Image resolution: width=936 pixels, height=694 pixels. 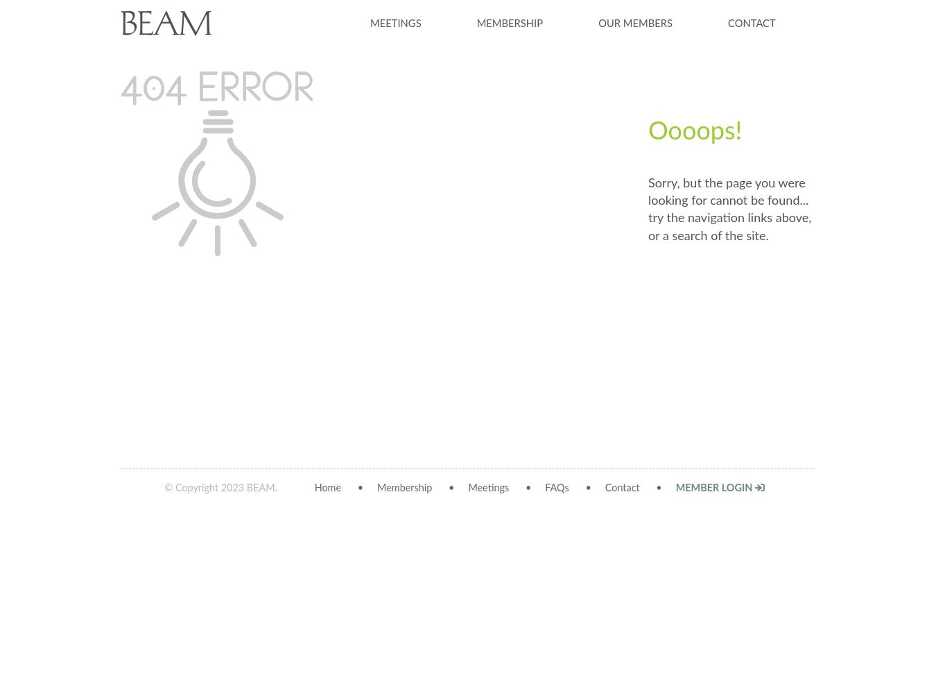 I want to click on 'Member Login ', so click(x=675, y=487).